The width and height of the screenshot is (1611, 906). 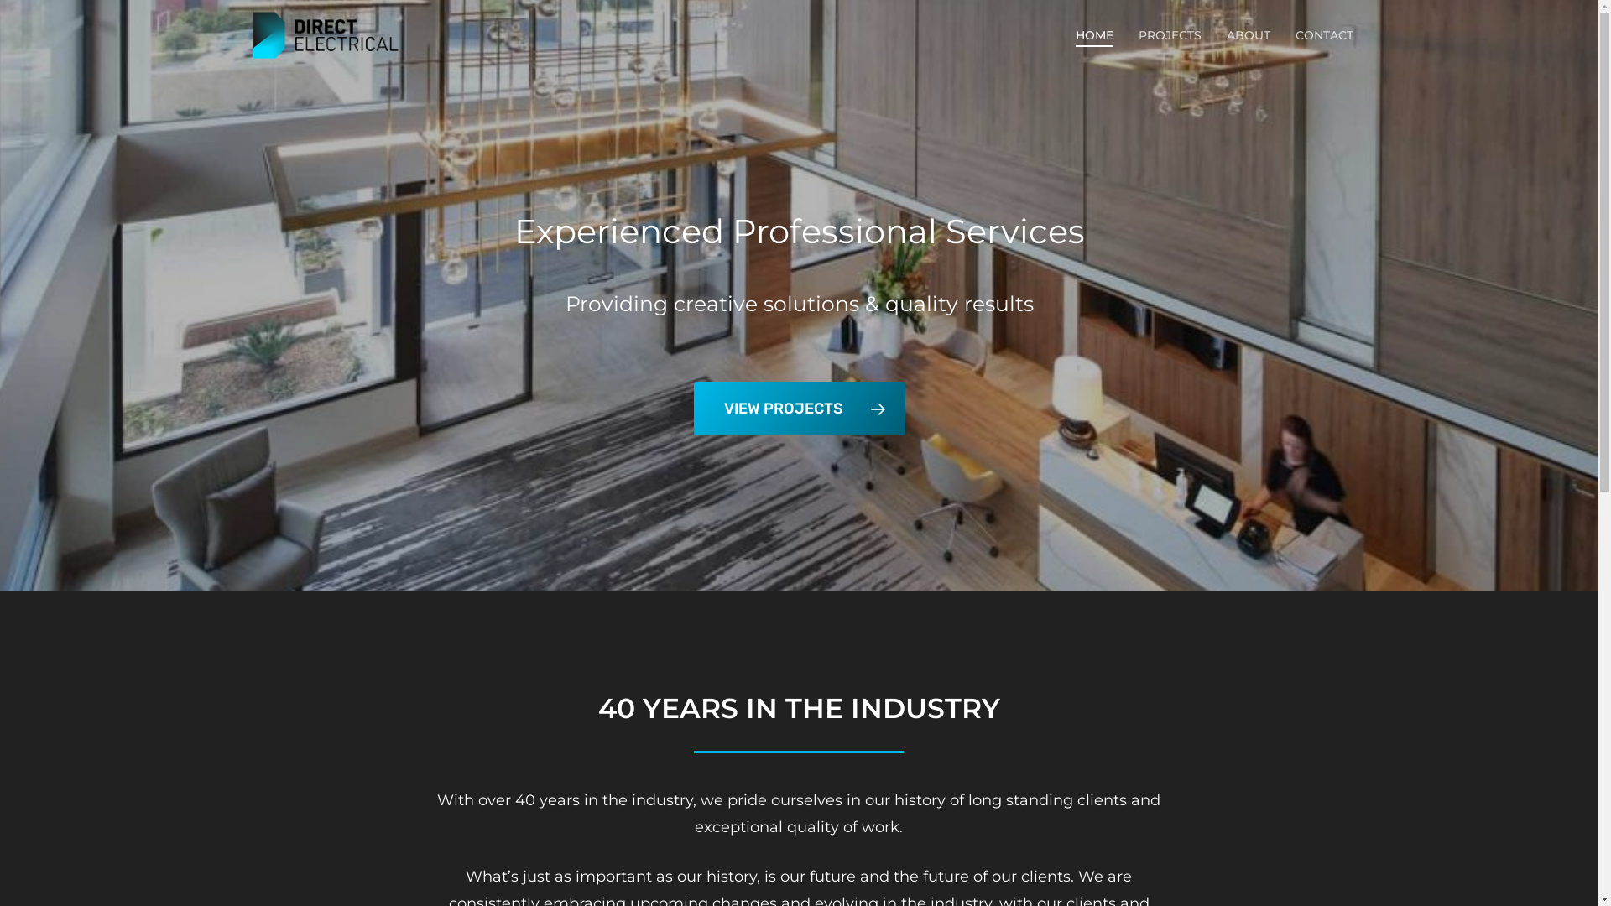 What do you see at coordinates (797, 408) in the screenshot?
I see `'VIEW PROJECTS'` at bounding box center [797, 408].